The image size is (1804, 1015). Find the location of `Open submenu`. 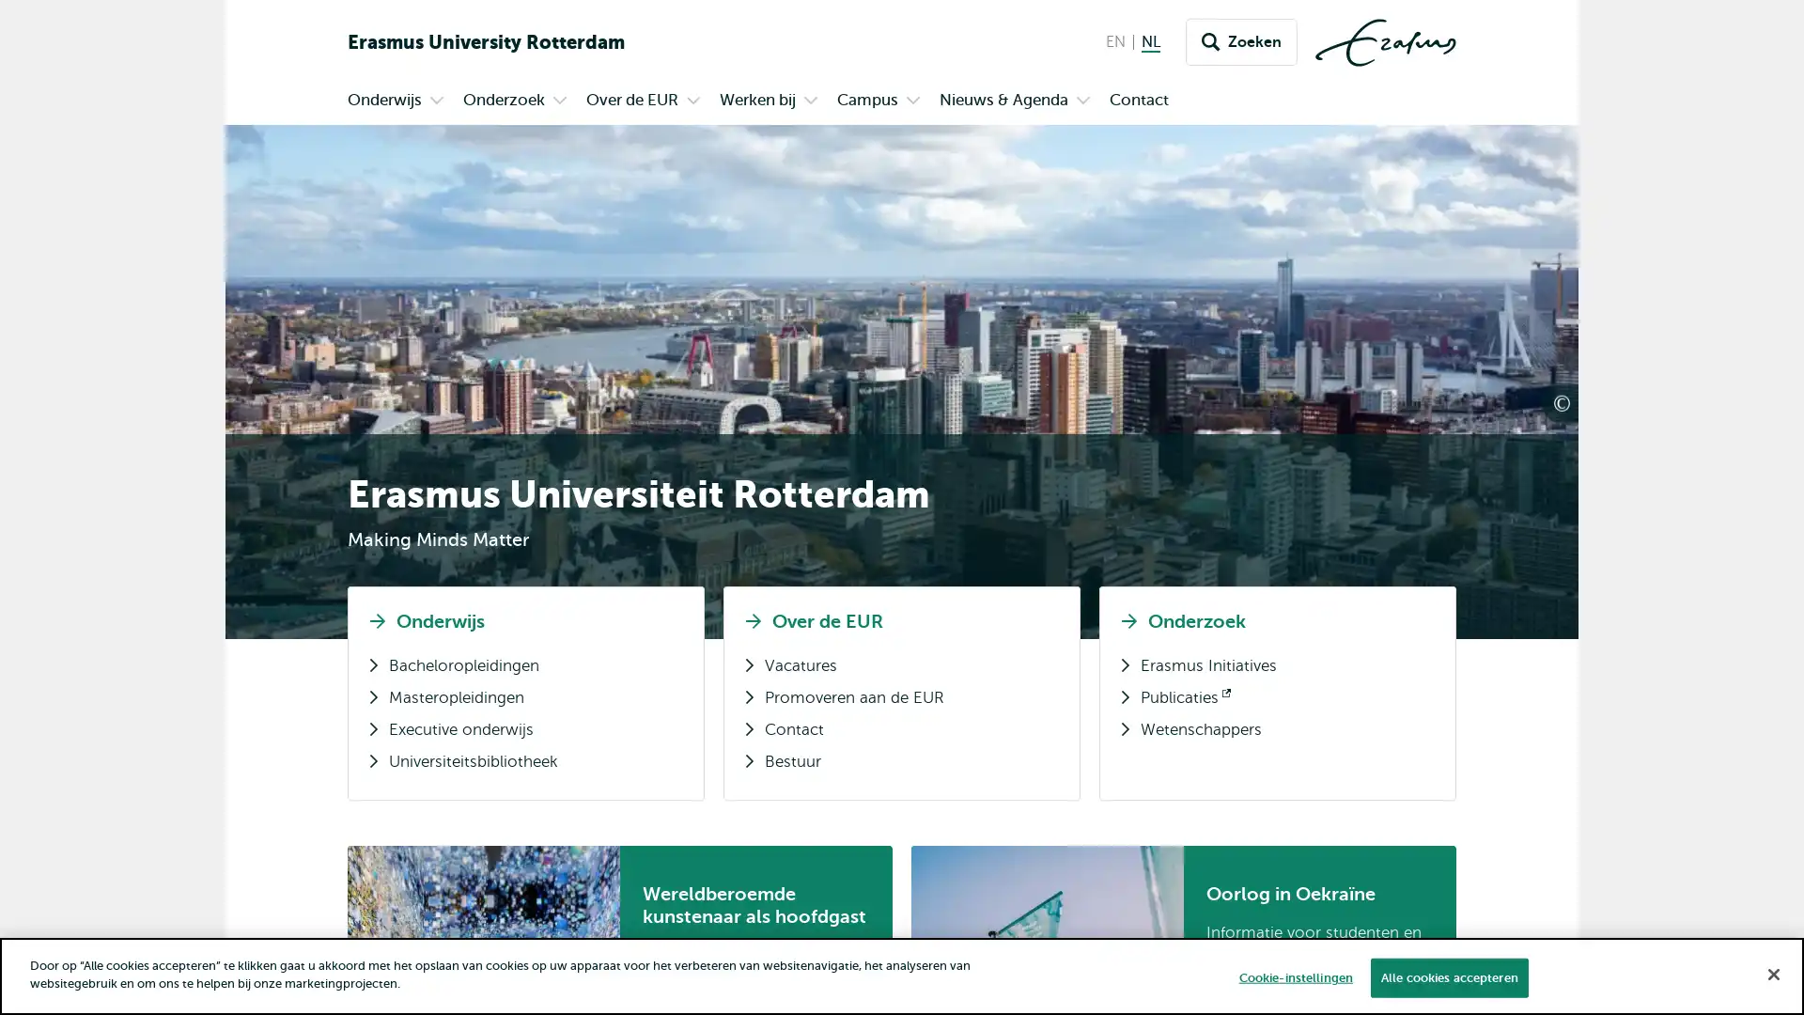

Open submenu is located at coordinates (558, 101).